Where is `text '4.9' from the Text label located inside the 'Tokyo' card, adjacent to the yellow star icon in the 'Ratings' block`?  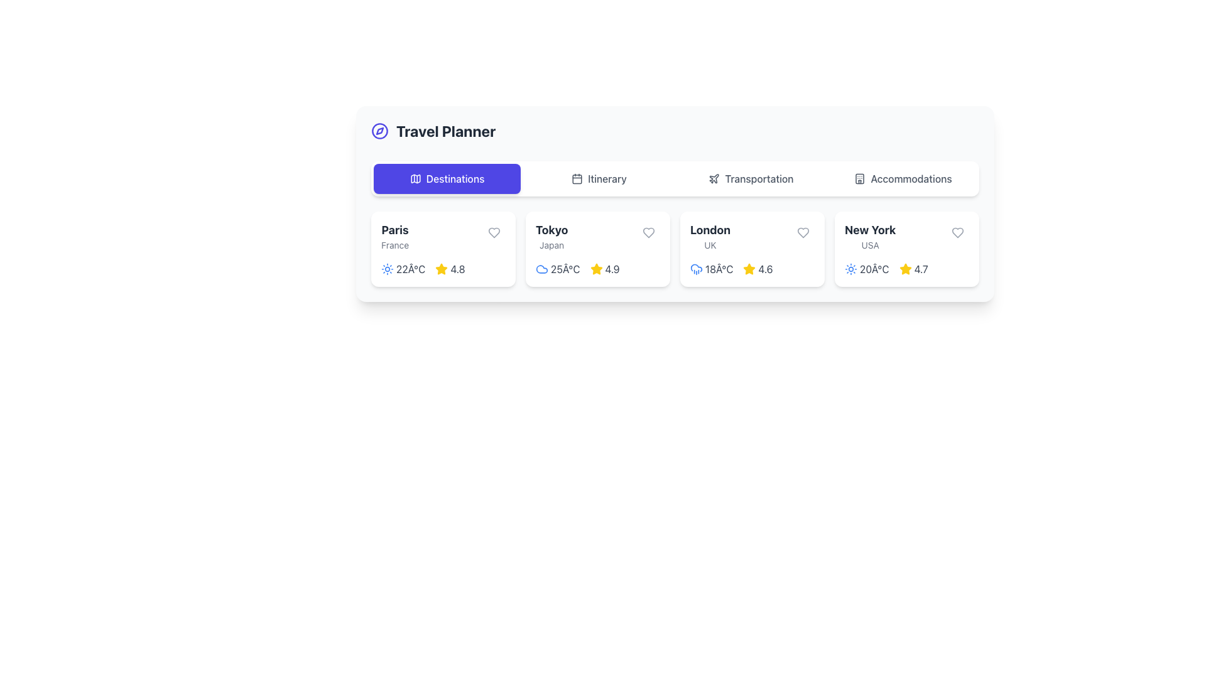
text '4.9' from the Text label located inside the 'Tokyo' card, adjacent to the yellow star icon in the 'Ratings' block is located at coordinates (612, 268).